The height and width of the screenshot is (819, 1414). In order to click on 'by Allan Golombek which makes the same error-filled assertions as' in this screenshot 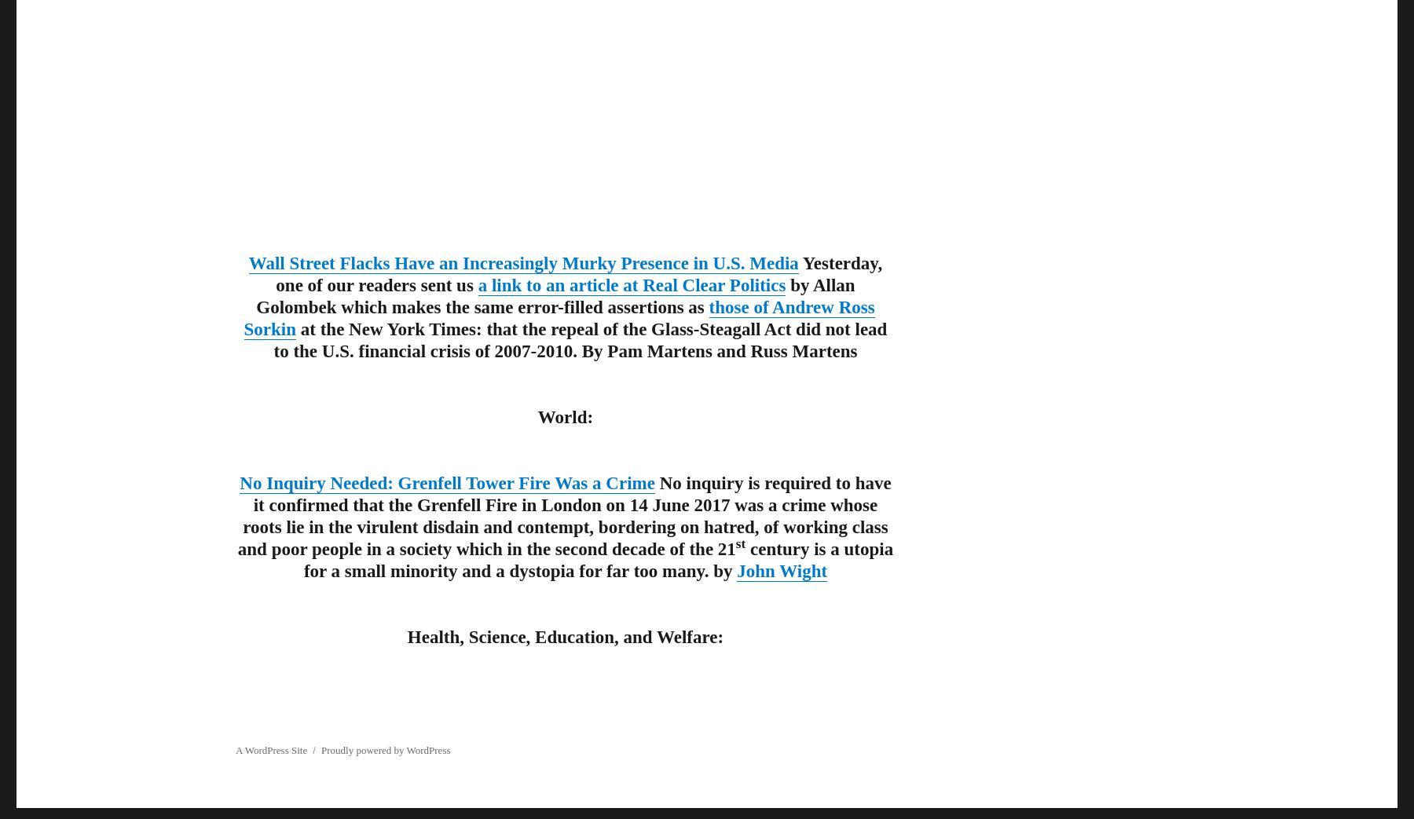, I will do `click(555, 295)`.